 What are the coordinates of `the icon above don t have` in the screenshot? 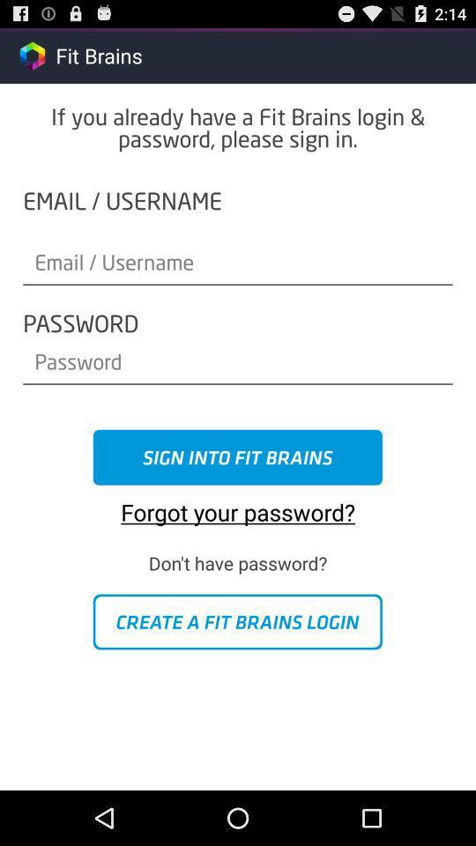 It's located at (238, 506).